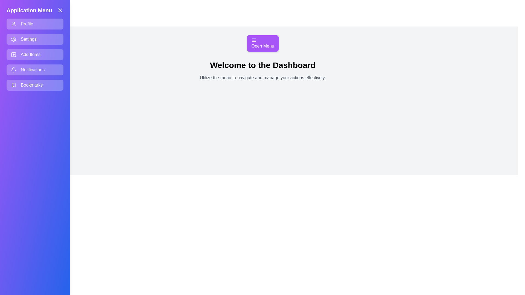 The height and width of the screenshot is (295, 525). Describe the element at coordinates (35, 85) in the screenshot. I see `the menu item Bookmarks to navigate to its respective section` at that location.